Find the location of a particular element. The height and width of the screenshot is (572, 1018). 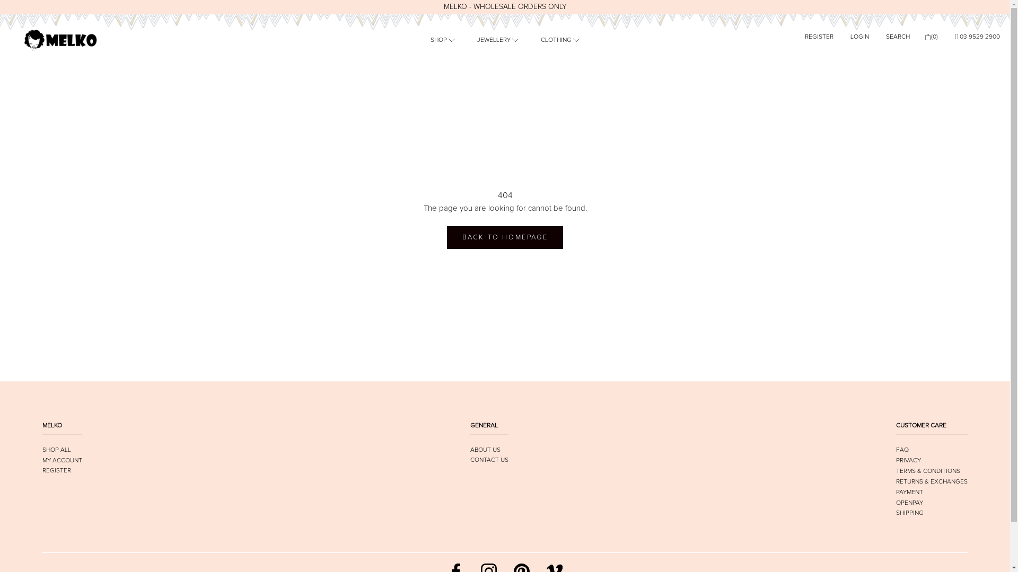

'PAYMENT' is located at coordinates (909, 492).